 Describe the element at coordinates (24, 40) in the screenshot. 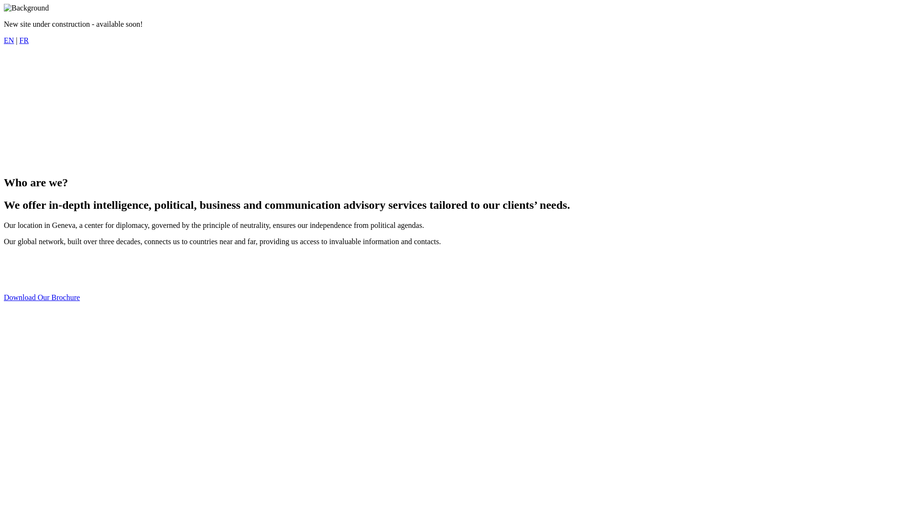

I see `'FR'` at that location.